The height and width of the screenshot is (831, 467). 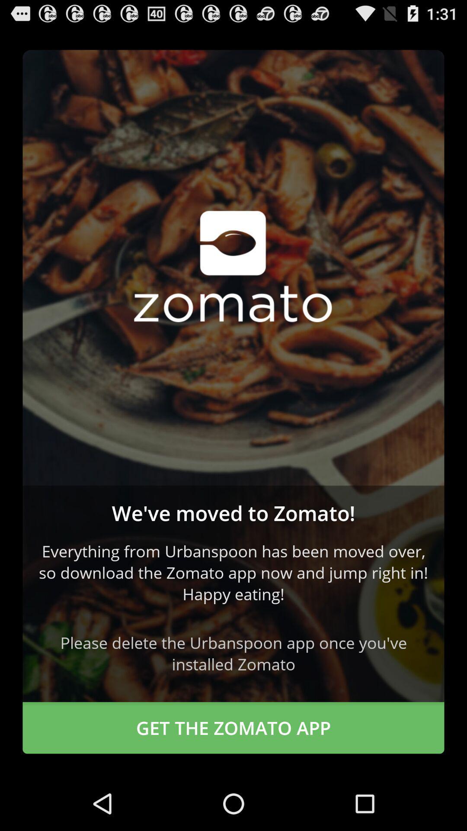 What do you see at coordinates (233, 267) in the screenshot?
I see `item above the we ve moved icon` at bounding box center [233, 267].